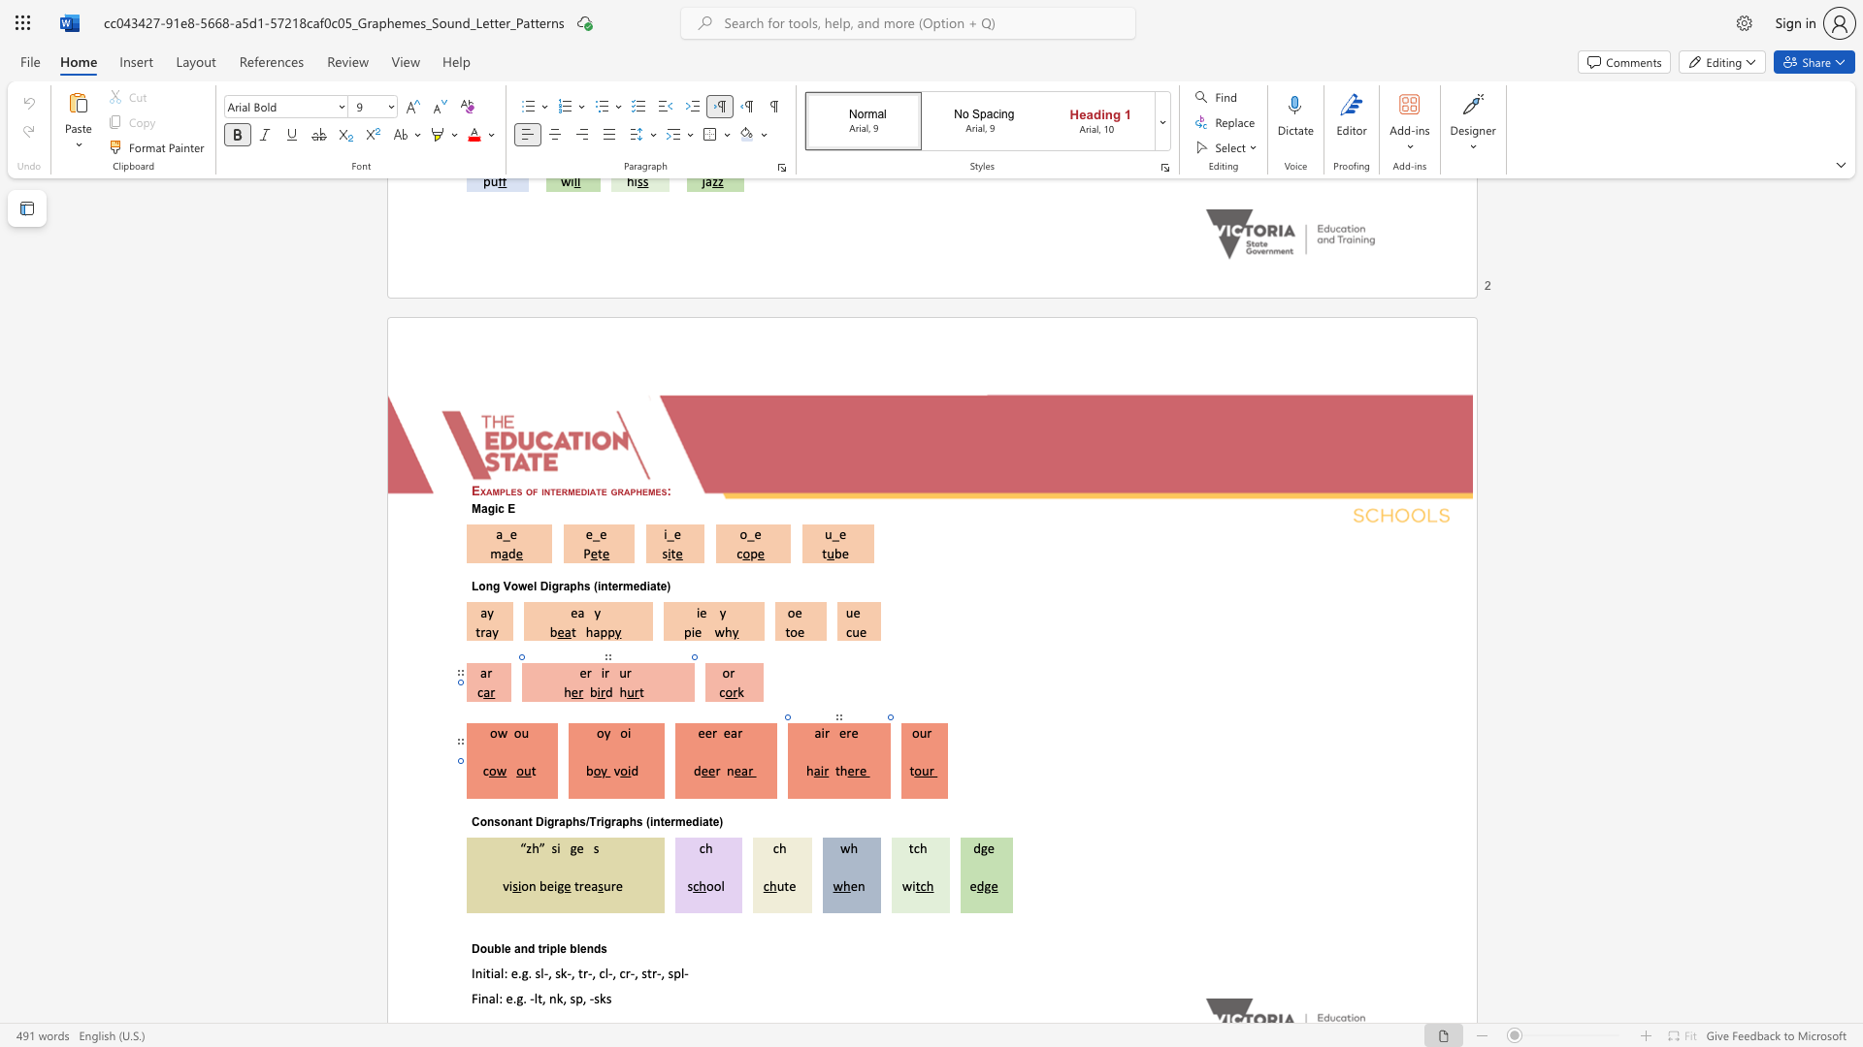 The width and height of the screenshot is (1863, 1047). What do you see at coordinates (475, 972) in the screenshot?
I see `the space between the continuous character "I" and "n" in the text` at bounding box center [475, 972].